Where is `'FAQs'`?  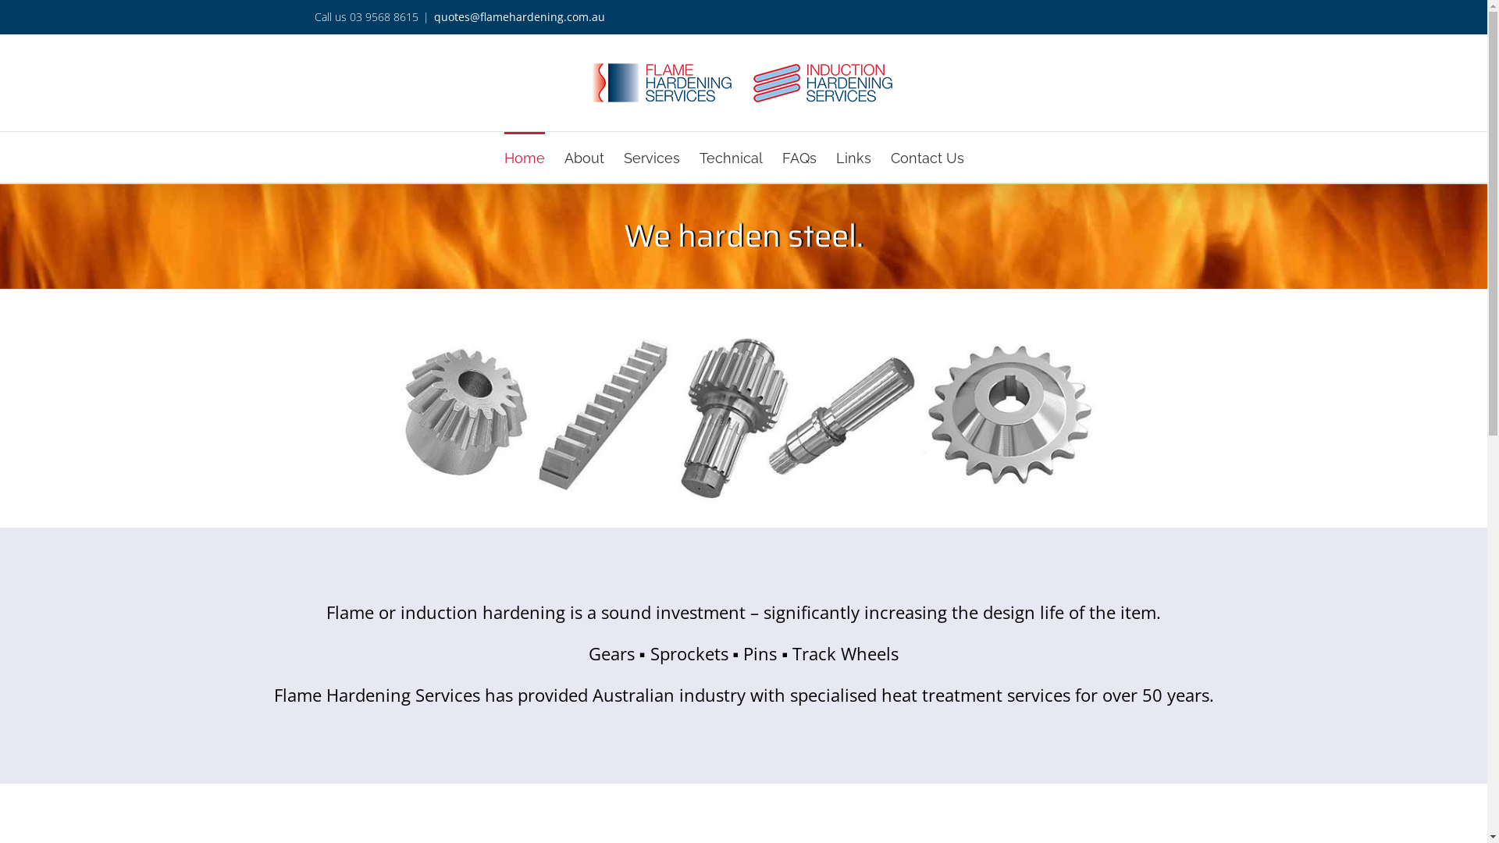
'FAQs' is located at coordinates (799, 157).